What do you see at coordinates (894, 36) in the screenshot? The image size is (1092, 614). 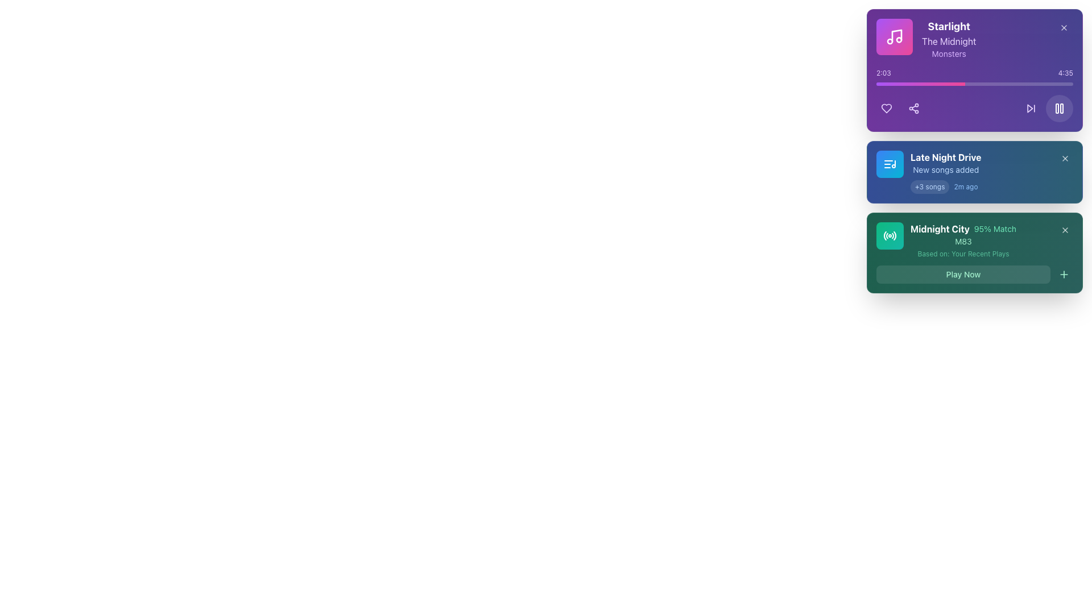 I see `the music icon featuring a white musical note on a vibrant purple-to-pink gradient background, located at the top-left corner of the first card in a vertical stack` at bounding box center [894, 36].